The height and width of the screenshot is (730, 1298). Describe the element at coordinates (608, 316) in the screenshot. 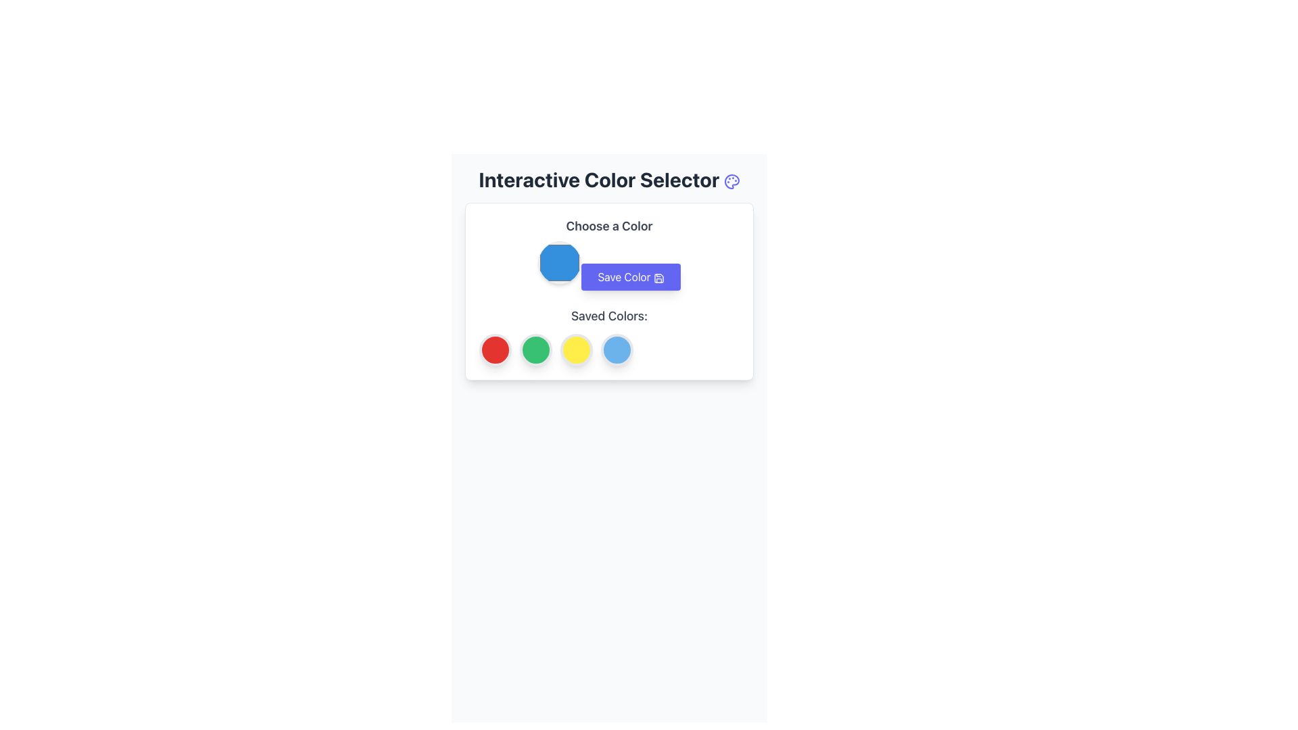

I see `the text label that serves as a heading for the section displaying saved color options, located within a bordered and shadowed rectangular card interface, positioned below the 'Save Color' button and above the circular color elements` at that location.